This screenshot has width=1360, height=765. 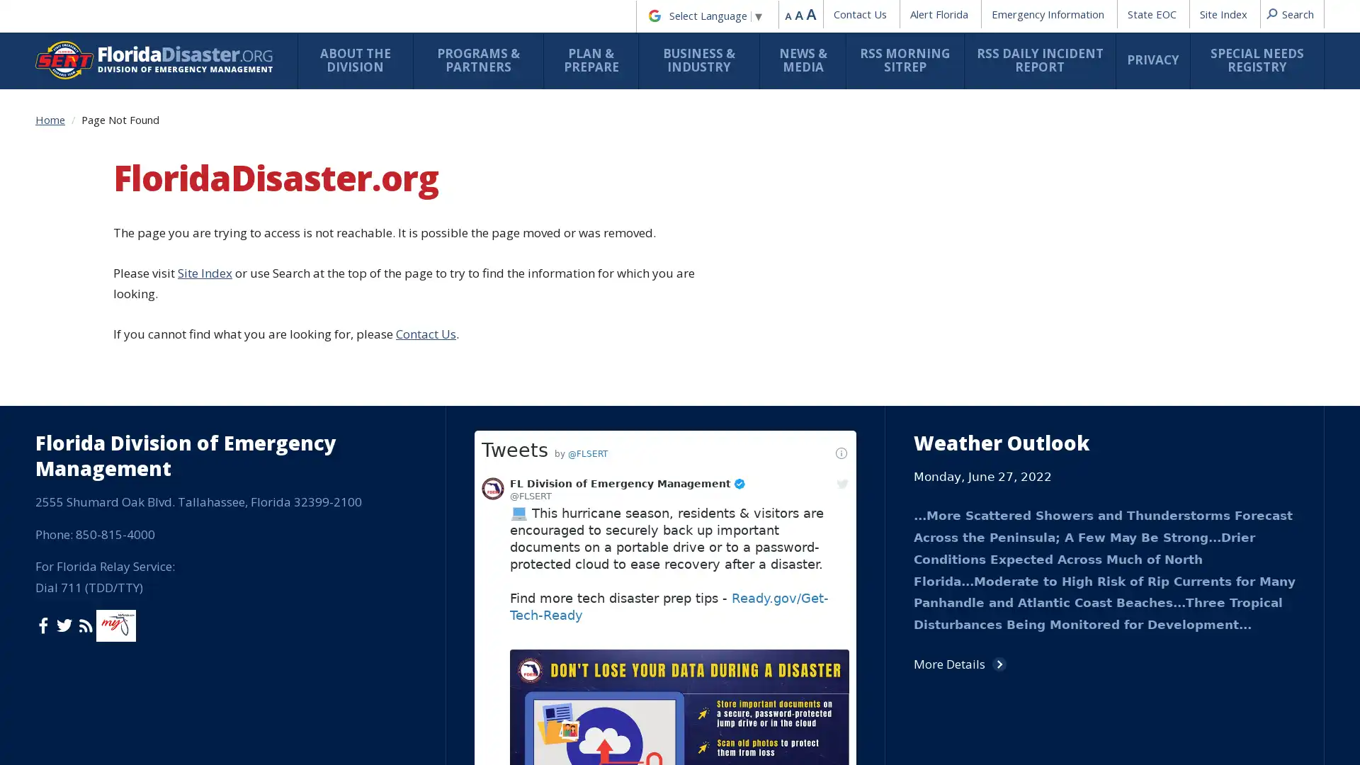 I want to click on Toggle More, so click(x=955, y=388).